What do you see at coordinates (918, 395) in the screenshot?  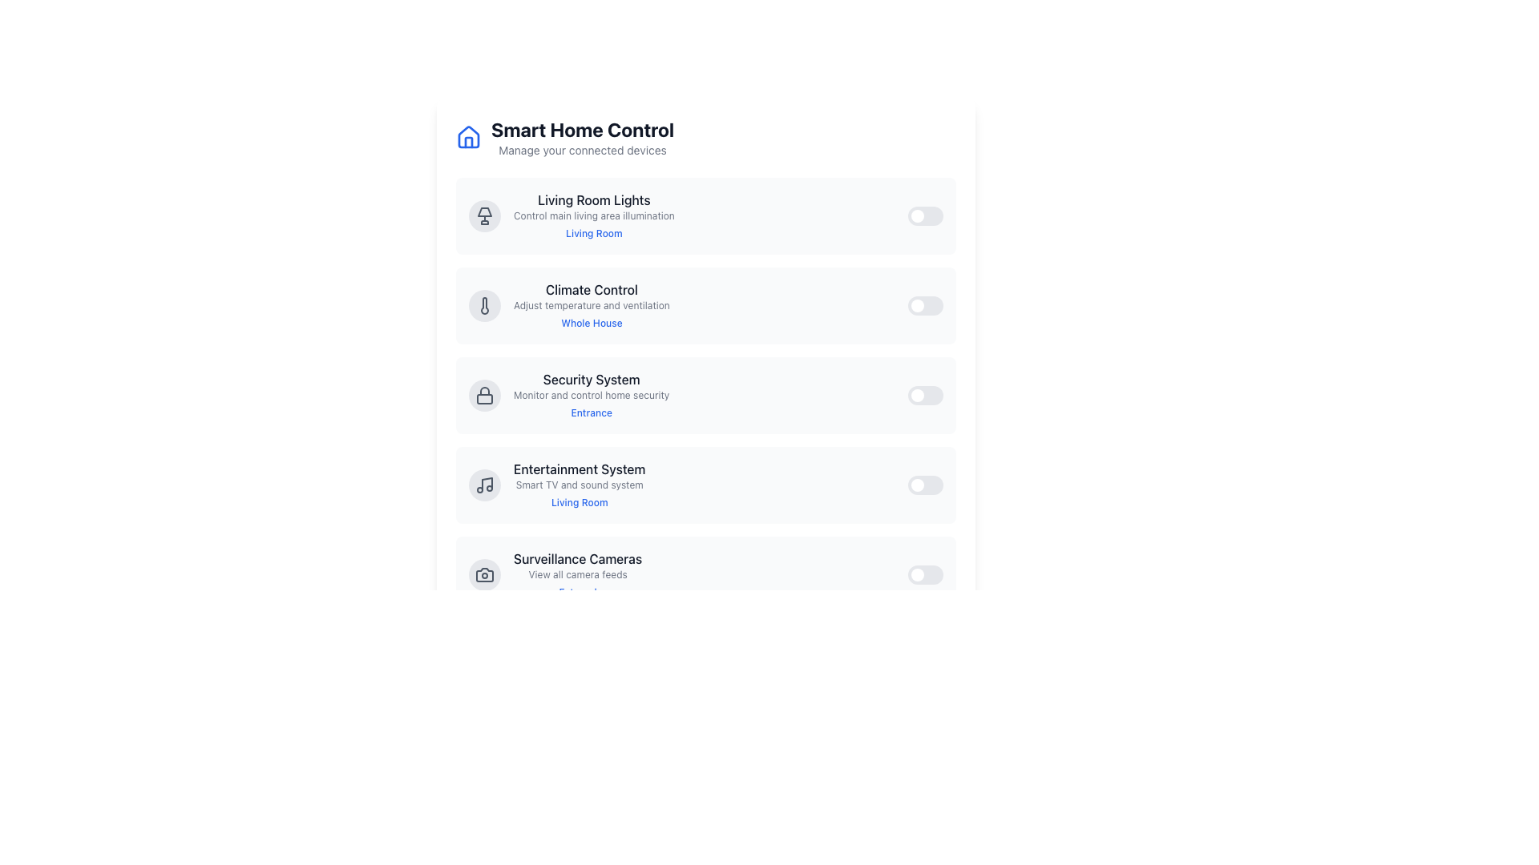 I see `the toggle switch handle, which is a small circular white object located near the right edge of the toggle switch in the 'Security System' section` at bounding box center [918, 395].